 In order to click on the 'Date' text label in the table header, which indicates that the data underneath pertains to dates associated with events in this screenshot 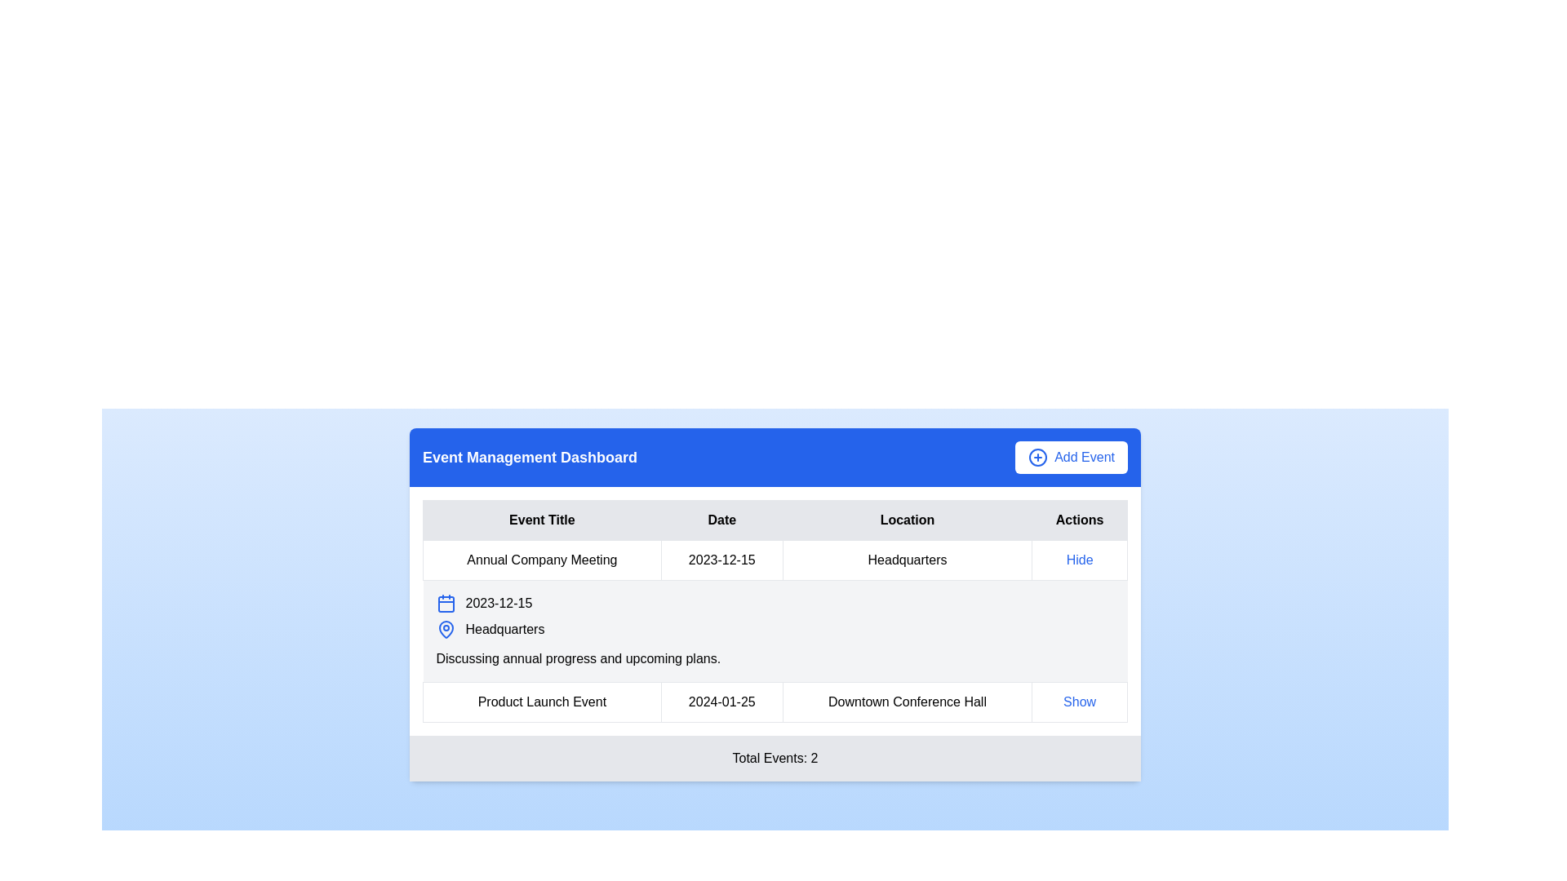, I will do `click(721, 520)`.